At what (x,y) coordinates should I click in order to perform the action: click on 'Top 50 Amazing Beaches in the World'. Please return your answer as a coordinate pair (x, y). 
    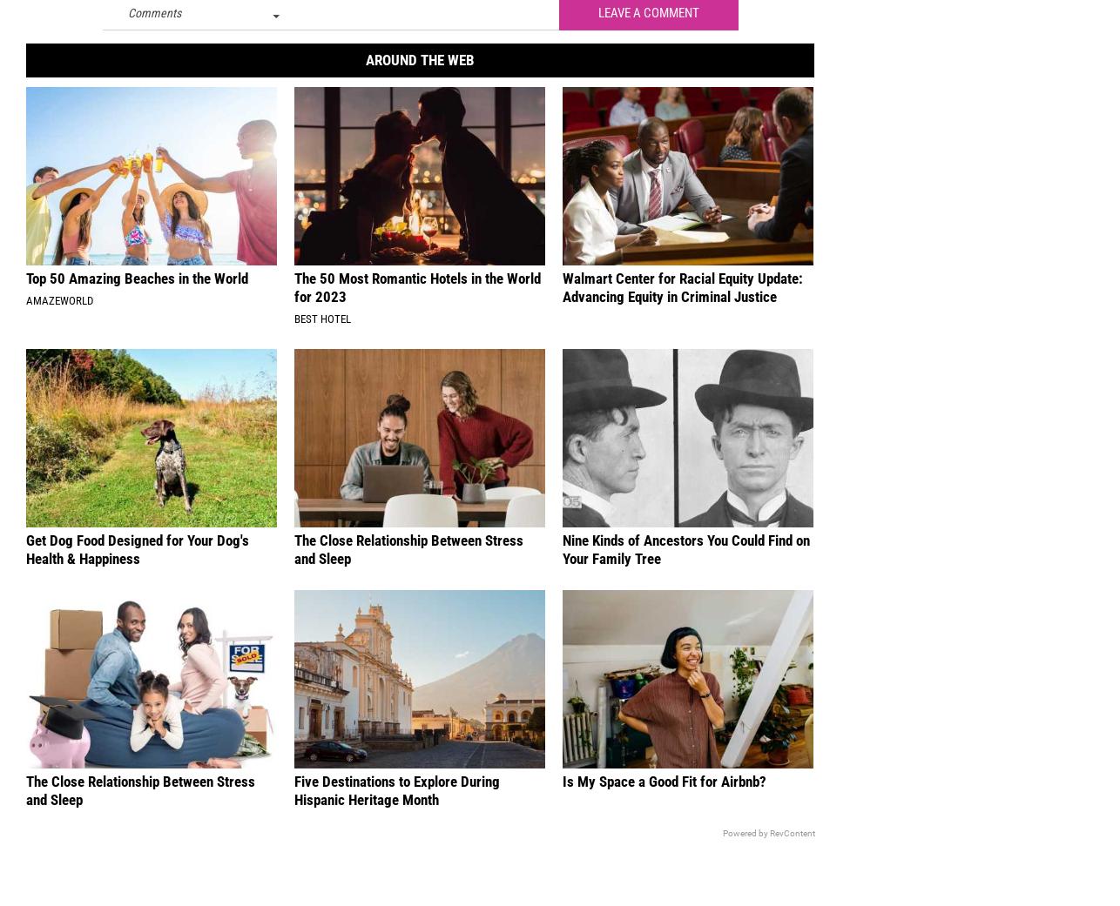
    Looking at the image, I should click on (137, 290).